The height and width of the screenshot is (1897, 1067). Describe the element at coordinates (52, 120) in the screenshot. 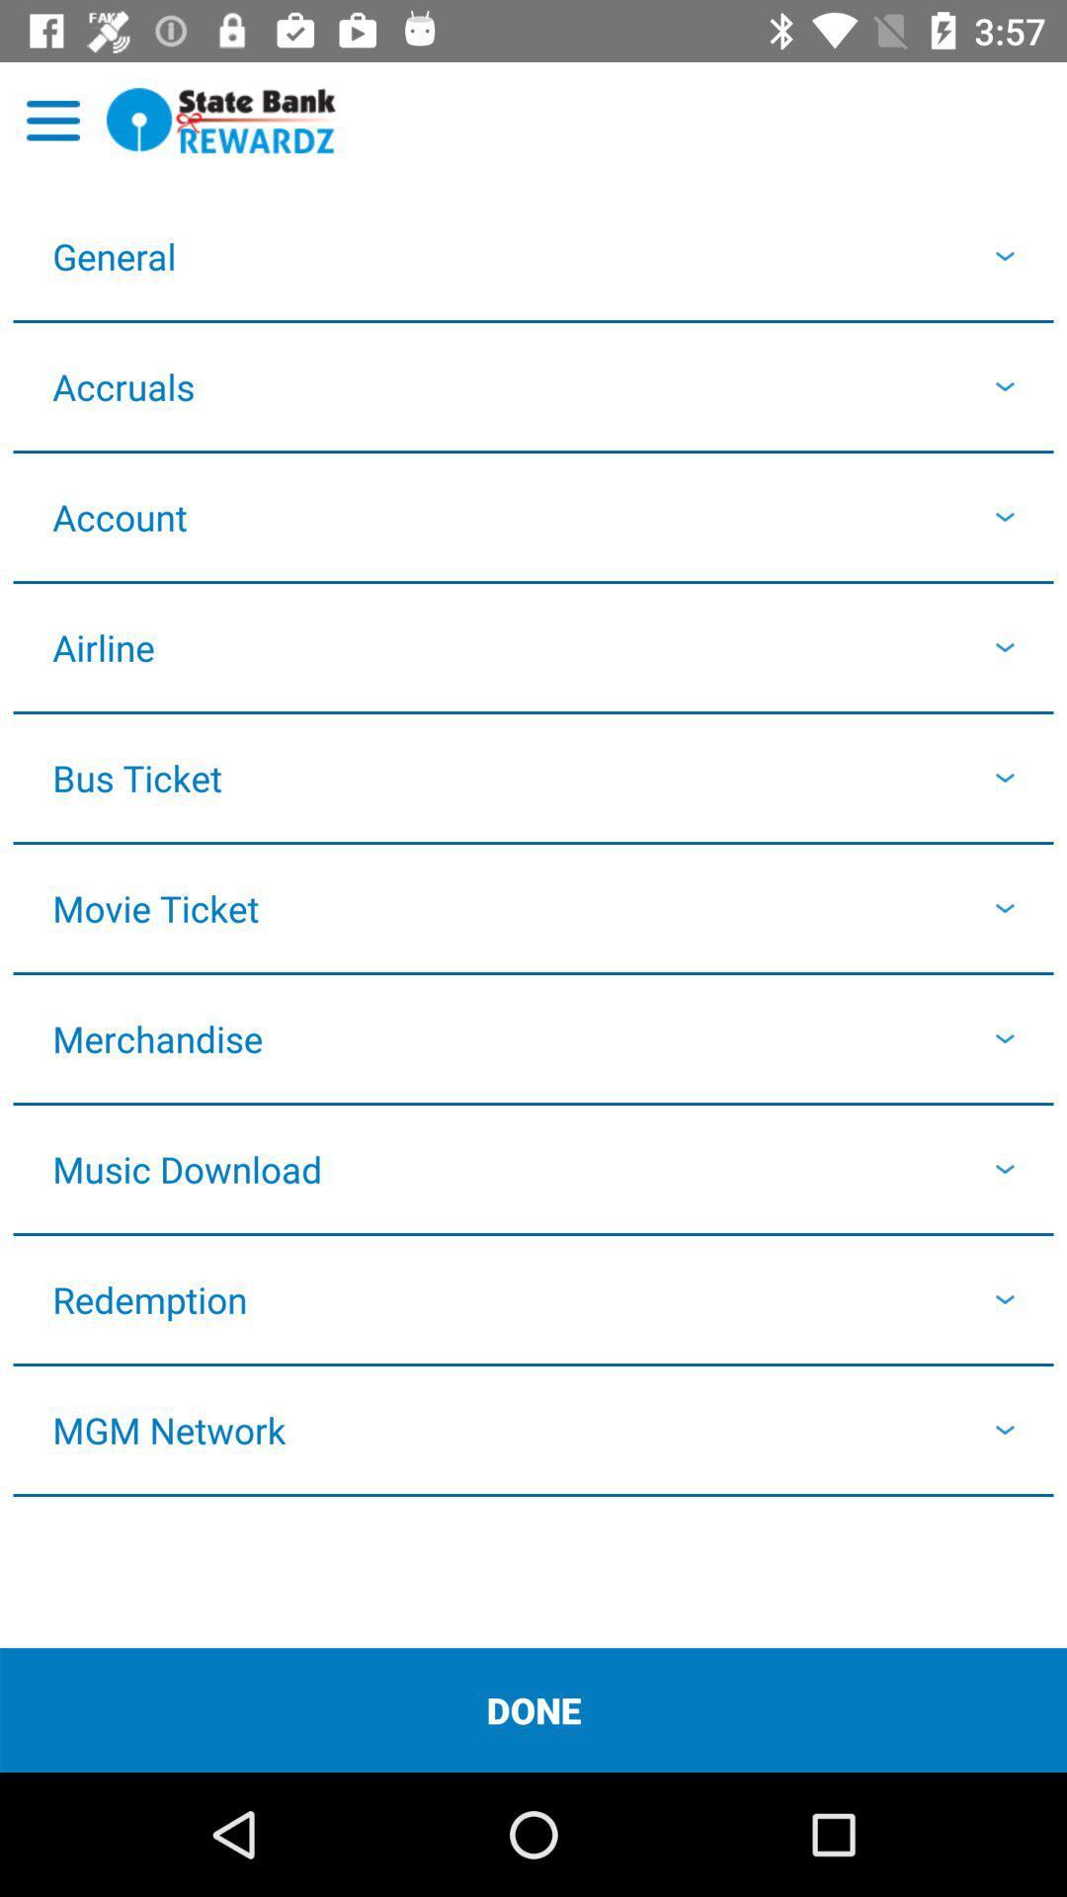

I see `other sections` at that location.